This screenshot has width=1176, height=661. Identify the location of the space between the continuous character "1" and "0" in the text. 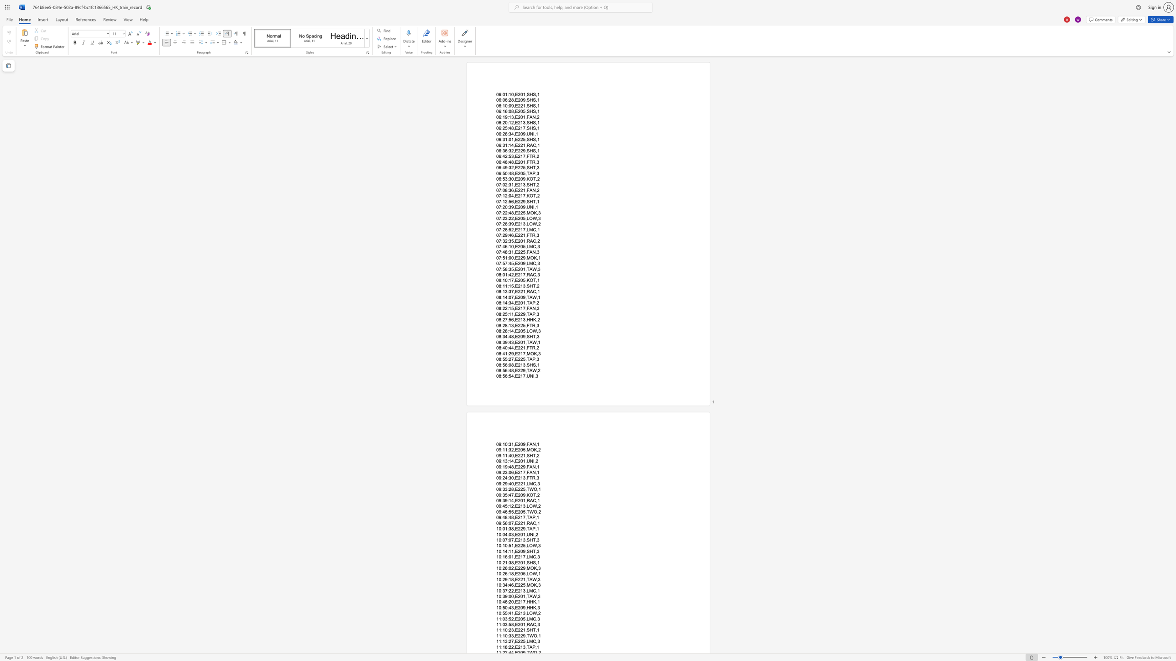
(499, 613).